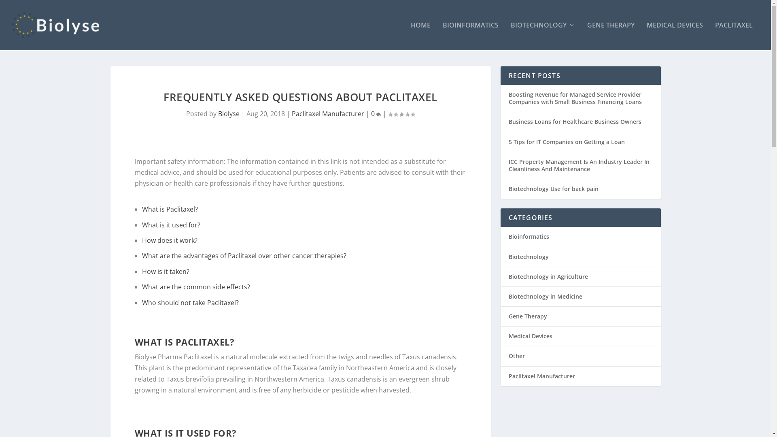  I want to click on 'How is it taken?', so click(165, 272).